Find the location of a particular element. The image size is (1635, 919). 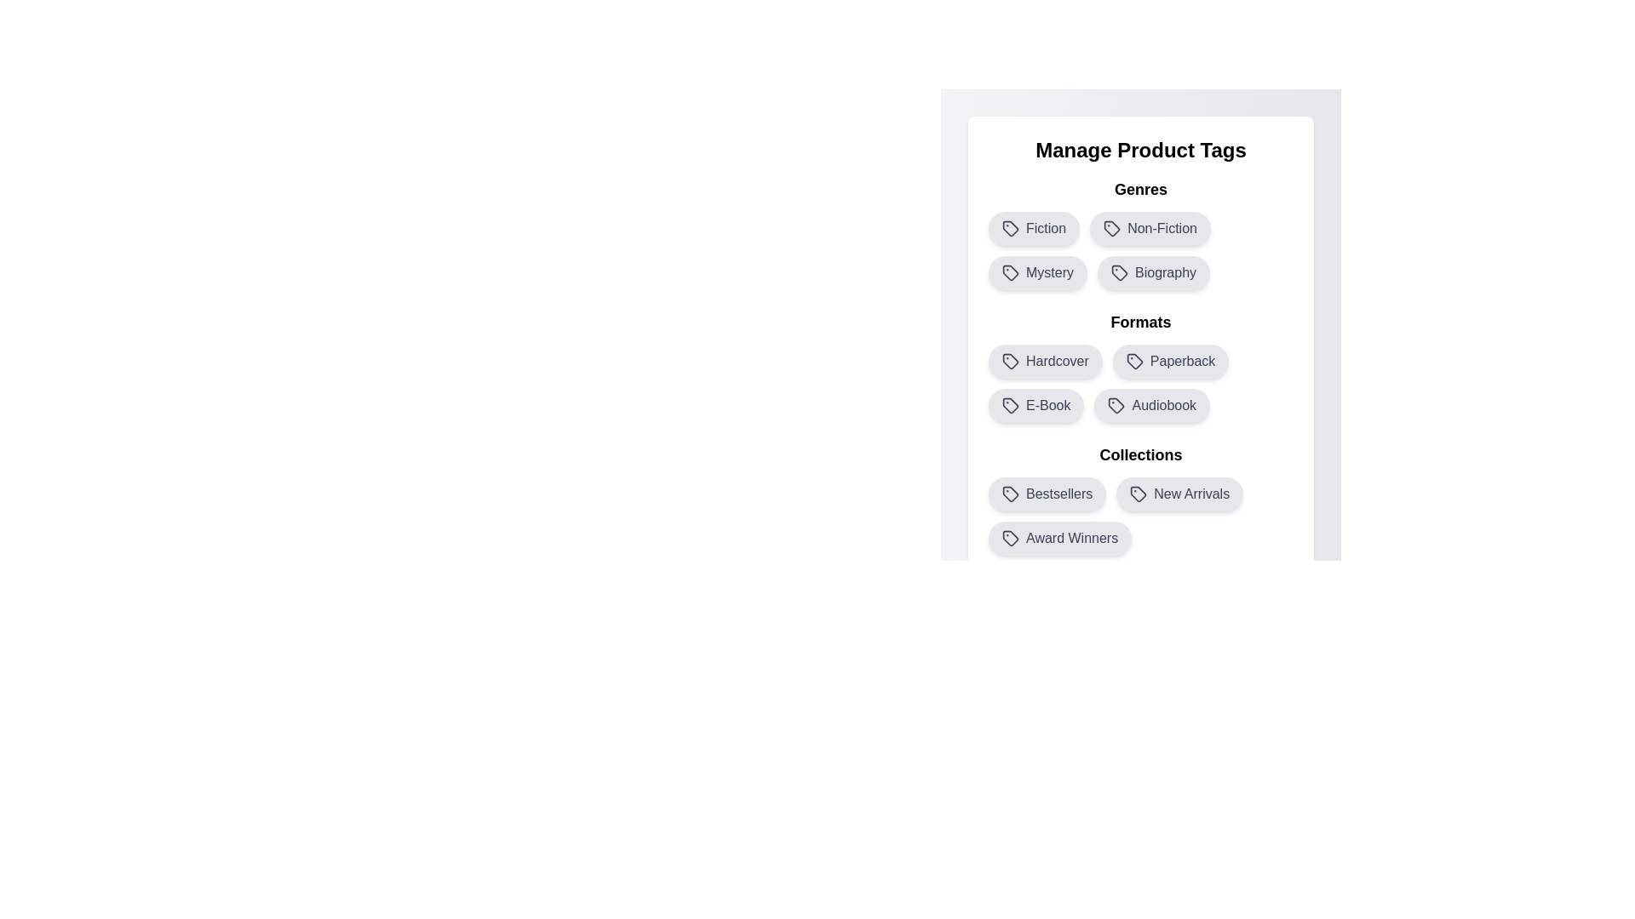

the larger tag-shaped icon within the 'Bestsellers' label in the 'Collections' section of the product tag manager interface is located at coordinates (1010, 494).